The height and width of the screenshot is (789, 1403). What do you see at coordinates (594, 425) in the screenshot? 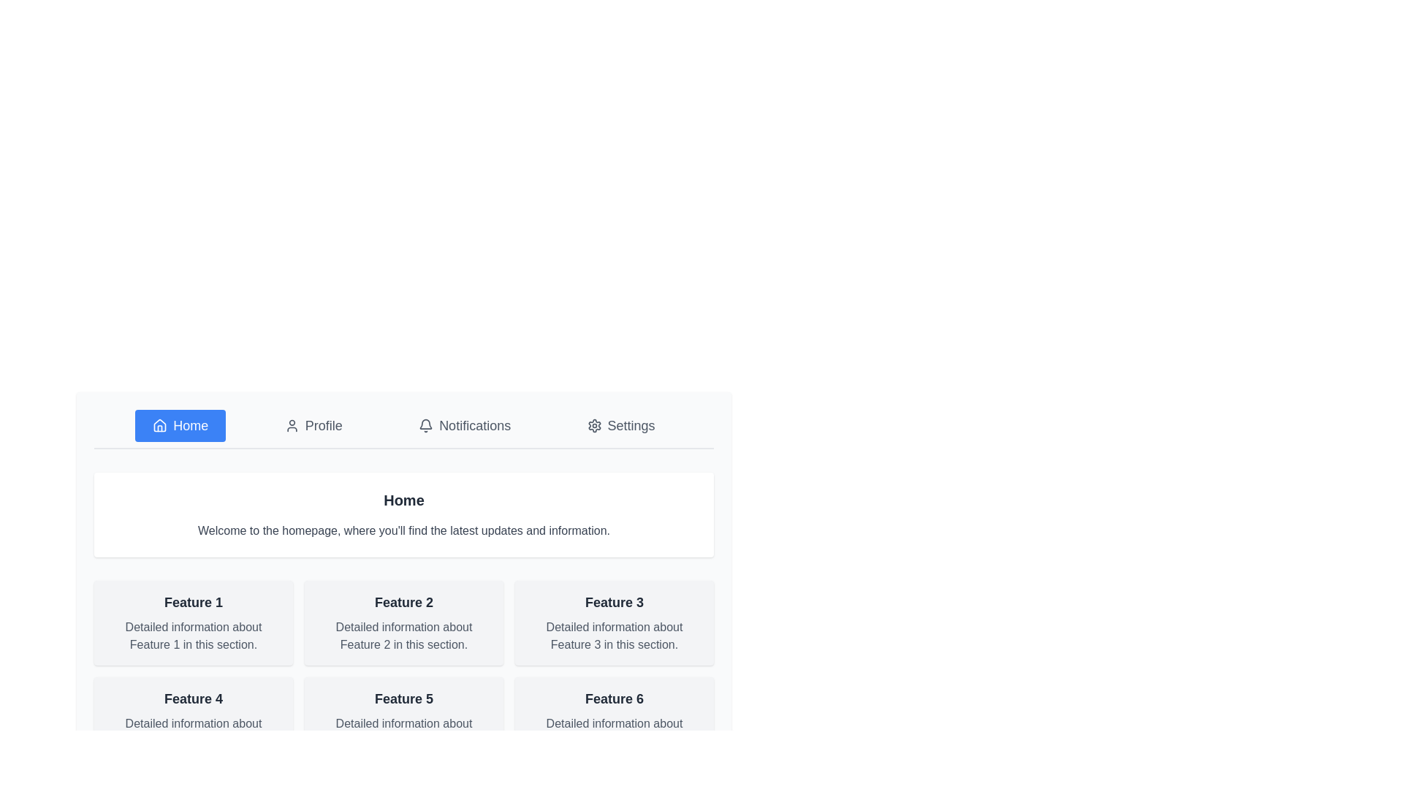
I see `the cogwheel-shaped icon in the upper right section of the navigation bar` at bounding box center [594, 425].